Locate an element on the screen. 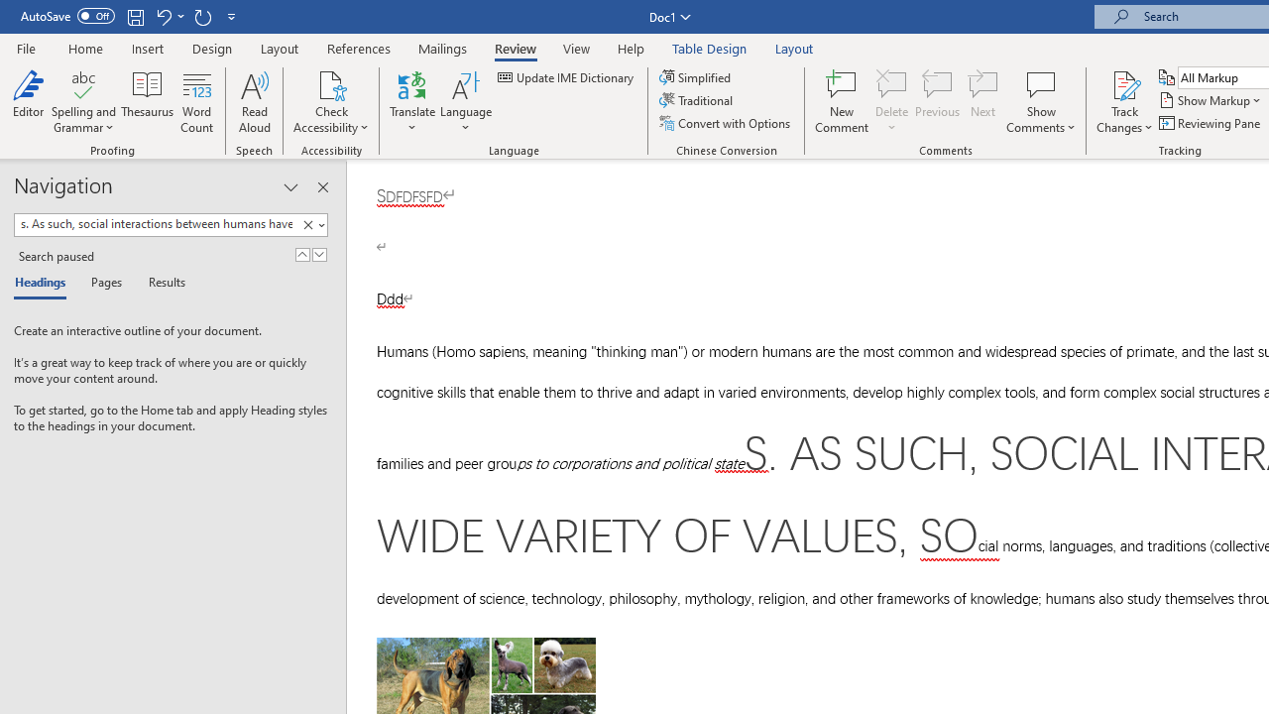 This screenshot has width=1269, height=714. 'Thesaurus...' is located at coordinates (147, 102).